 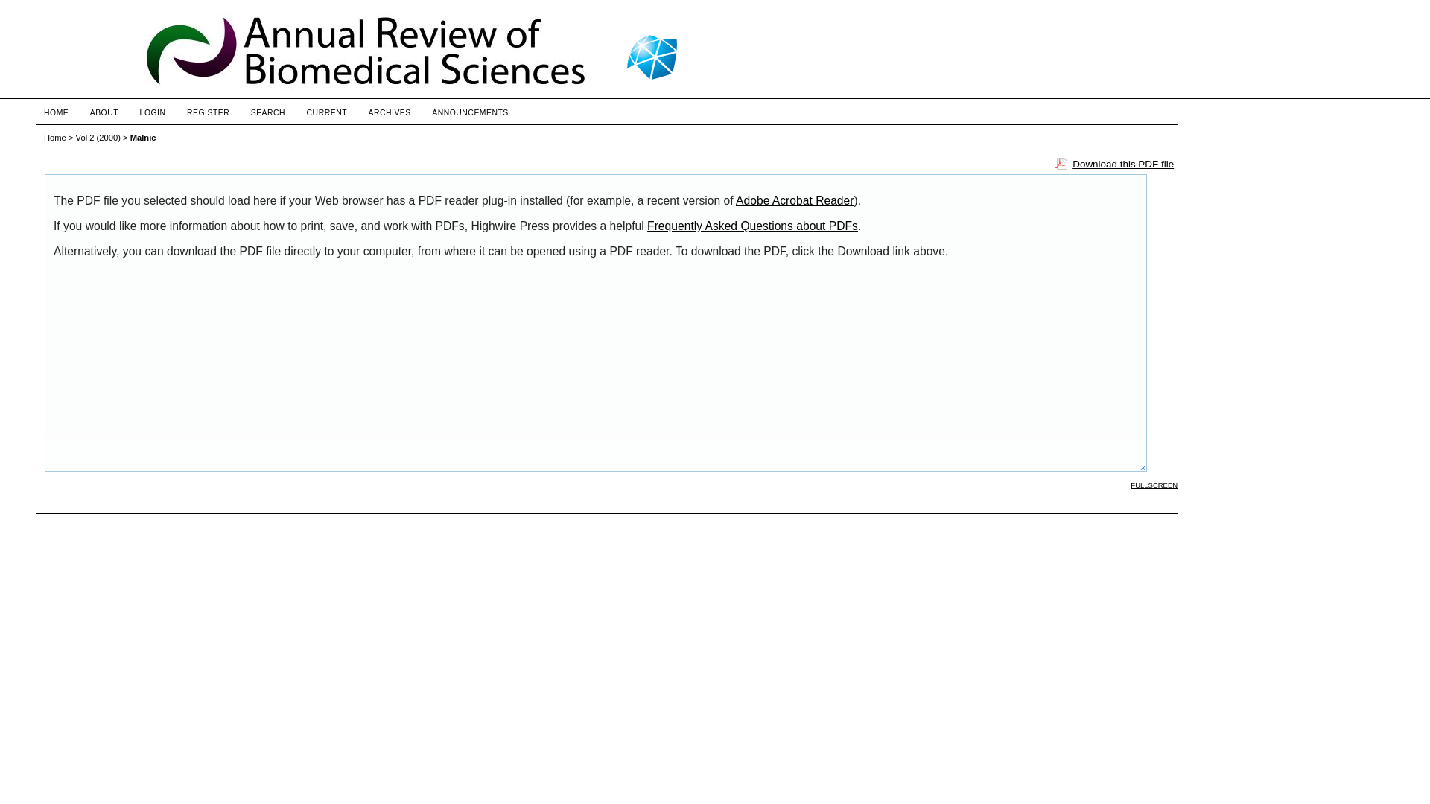 I want to click on 'Home', so click(x=54, y=138).